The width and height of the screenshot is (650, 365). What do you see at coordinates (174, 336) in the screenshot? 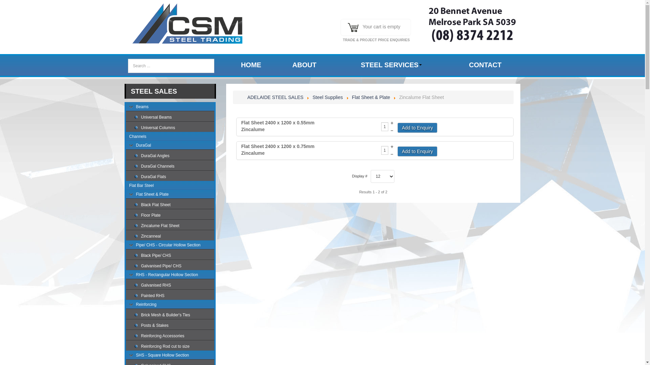
I see `'Reinforcing Accessories'` at bounding box center [174, 336].